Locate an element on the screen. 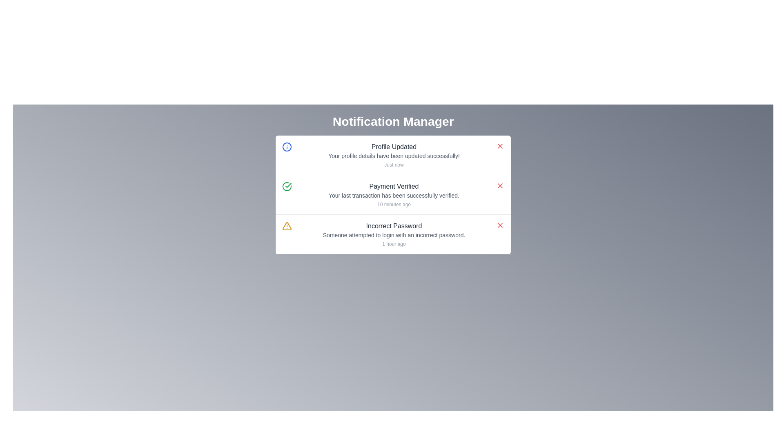  title and description of the Notification card that informs the user about an update made to their profile, which is the first item in a vertical list of notifications is located at coordinates (393, 155).